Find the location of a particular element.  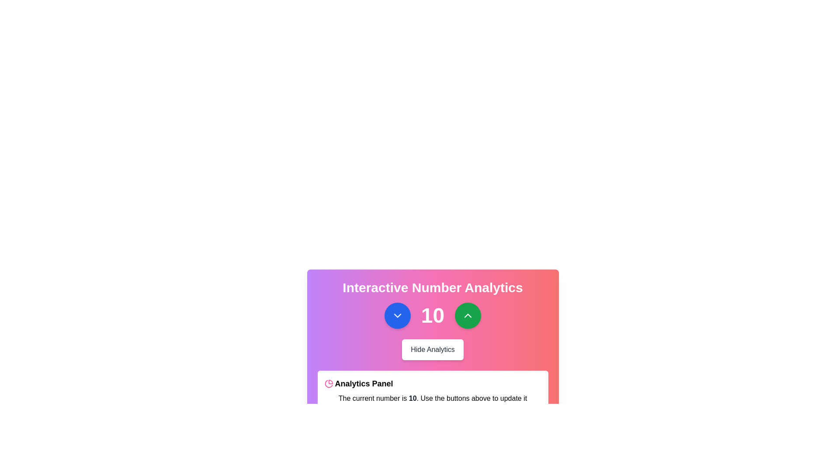

the 'Hide Analytics' button, which is a rectangular button with rounded corners and a slight shadow, located centrally below the numeric display and circular buttons is located at coordinates (433, 349).